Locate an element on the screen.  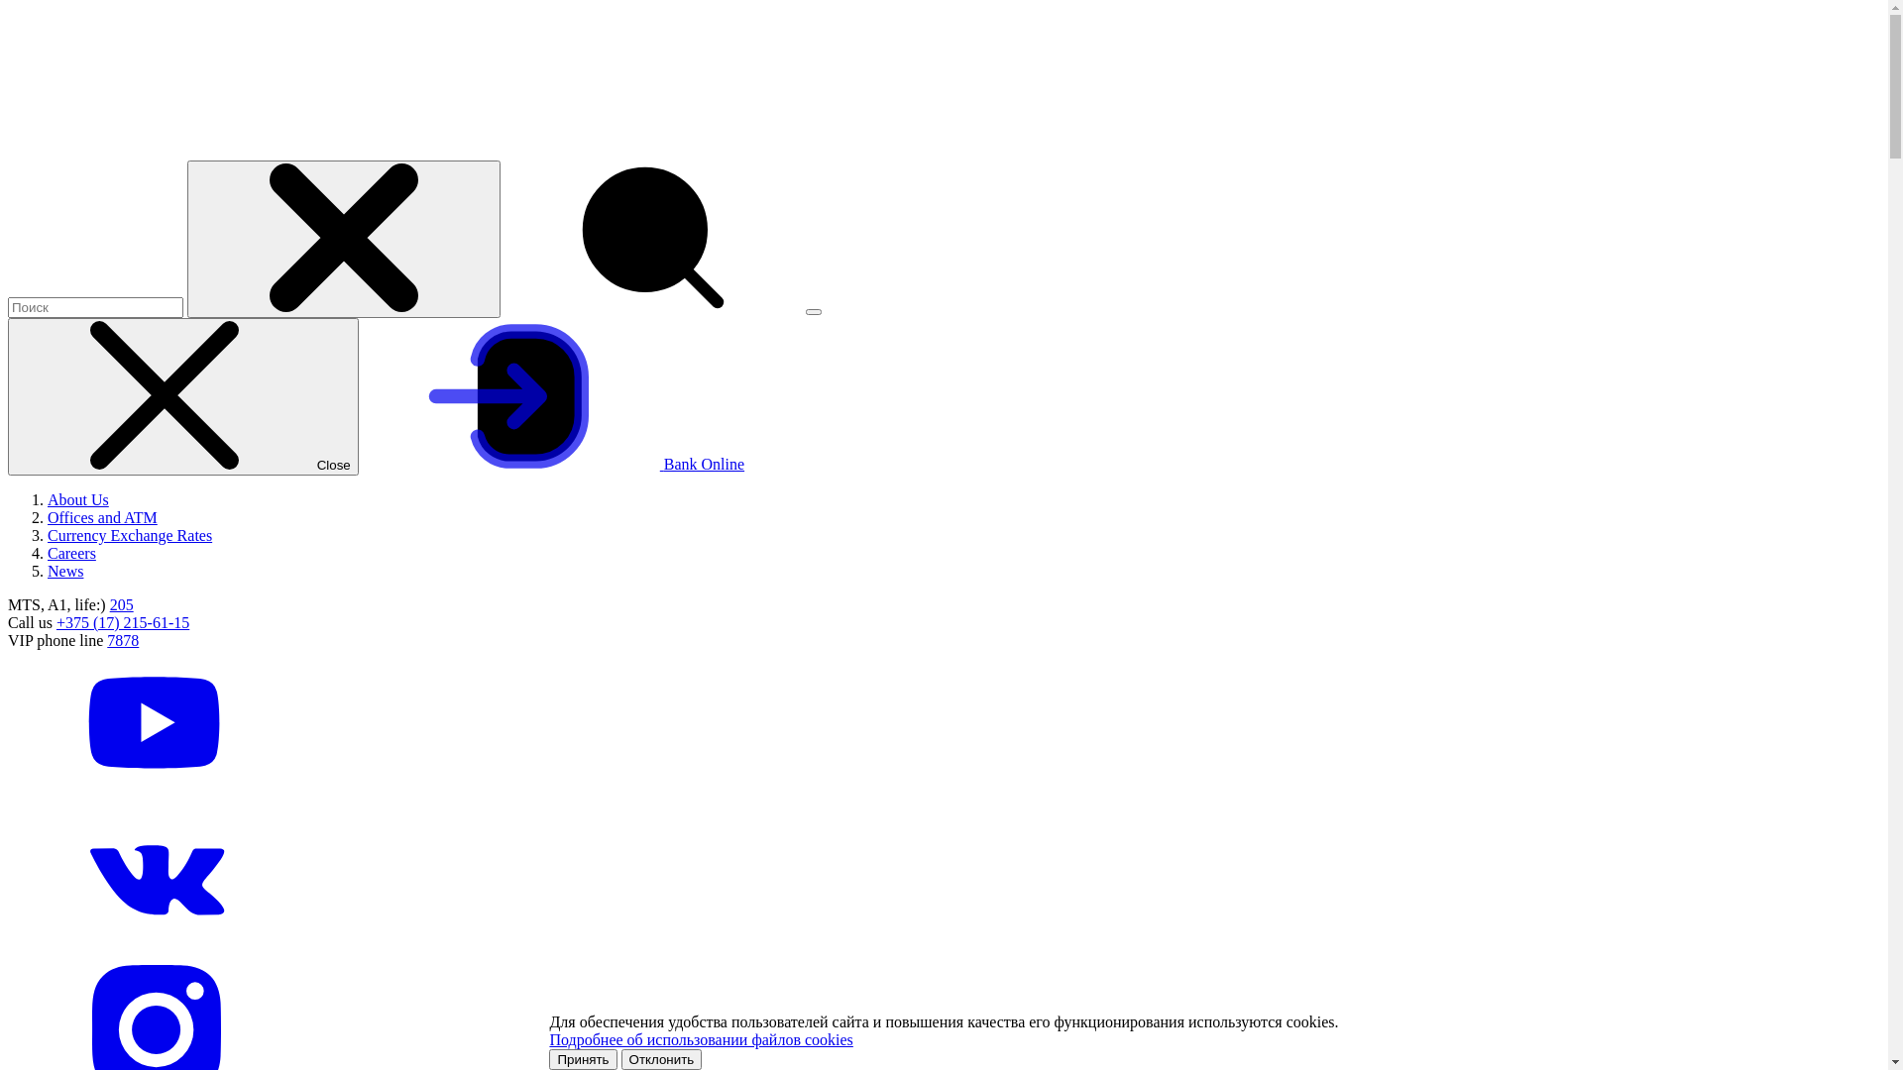
'About Us' is located at coordinates (77, 498).